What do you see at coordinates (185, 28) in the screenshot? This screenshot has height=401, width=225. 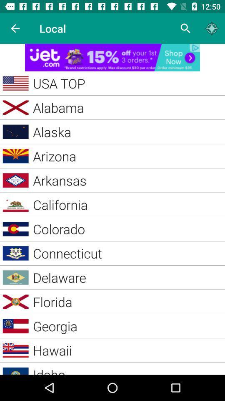 I see `search option` at bounding box center [185, 28].